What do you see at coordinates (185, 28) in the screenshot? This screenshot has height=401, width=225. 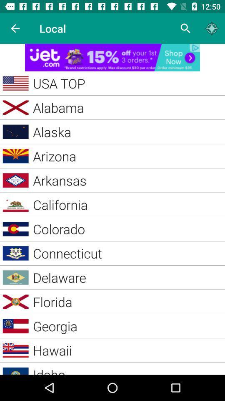 I see `search option` at bounding box center [185, 28].